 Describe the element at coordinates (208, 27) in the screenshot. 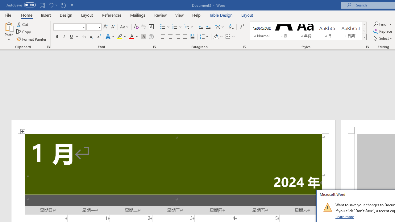

I see `'Increase Indent'` at that location.